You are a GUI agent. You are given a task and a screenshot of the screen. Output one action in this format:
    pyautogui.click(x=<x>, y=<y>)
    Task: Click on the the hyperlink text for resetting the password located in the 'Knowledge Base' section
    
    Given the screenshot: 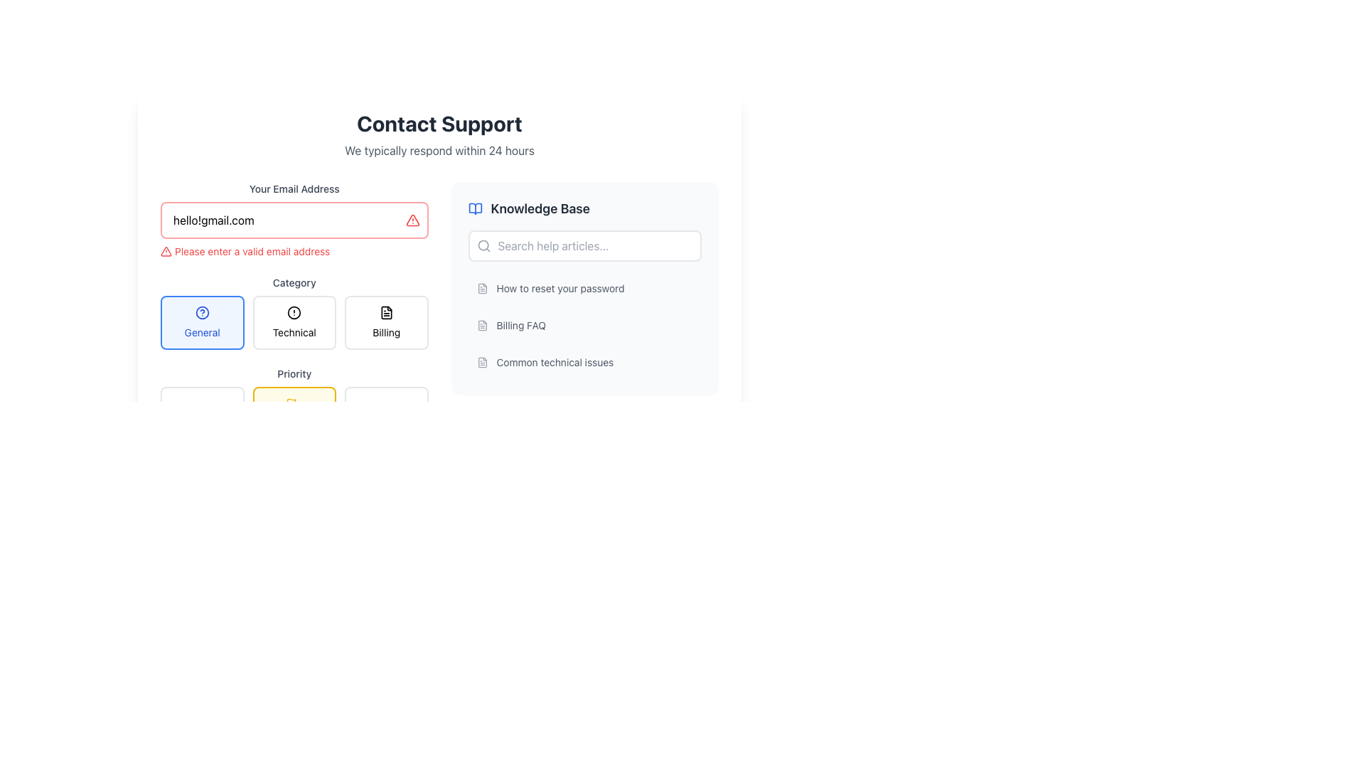 What is the action you would take?
    pyautogui.click(x=584, y=288)
    